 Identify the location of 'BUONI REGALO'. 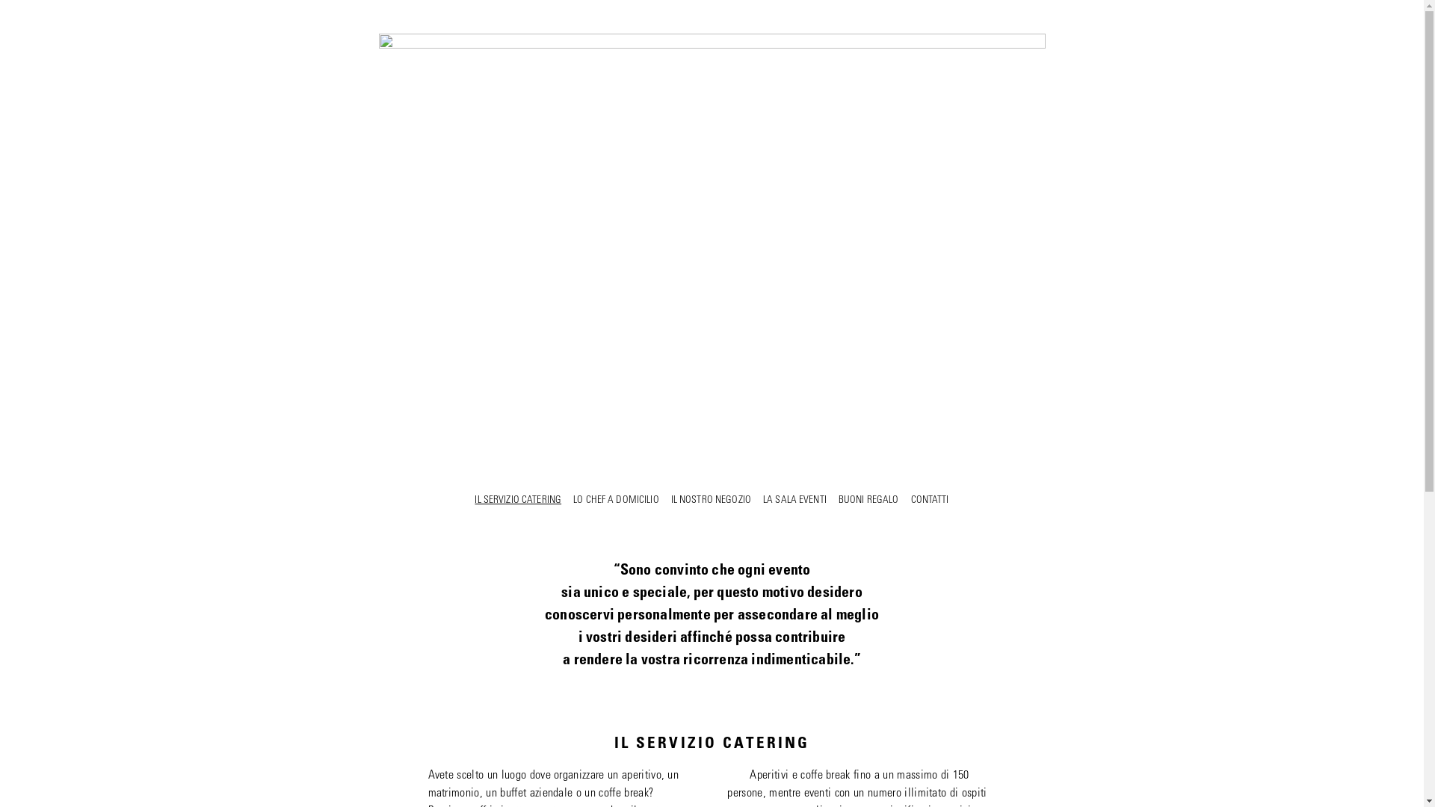
(868, 501).